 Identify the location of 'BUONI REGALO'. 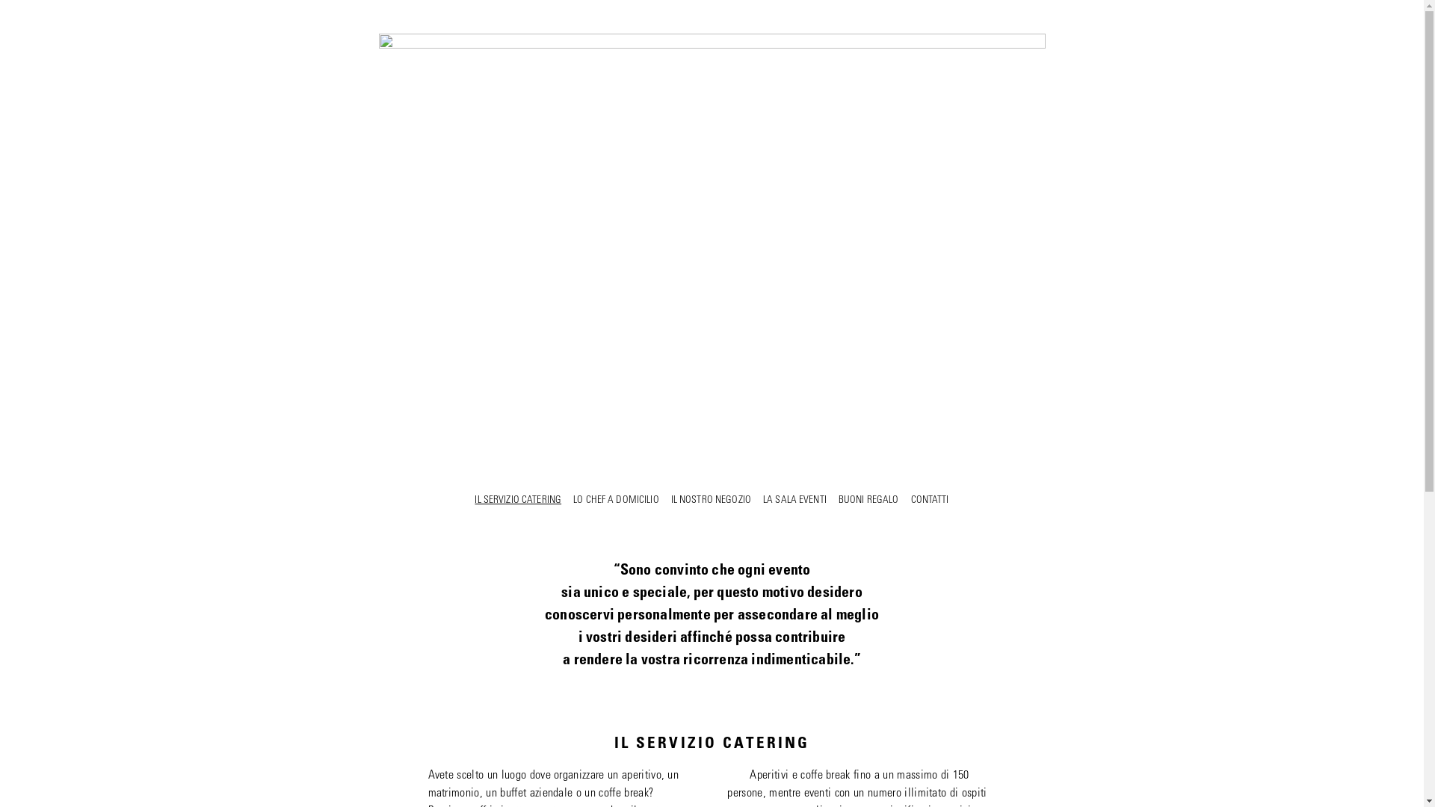
(868, 501).